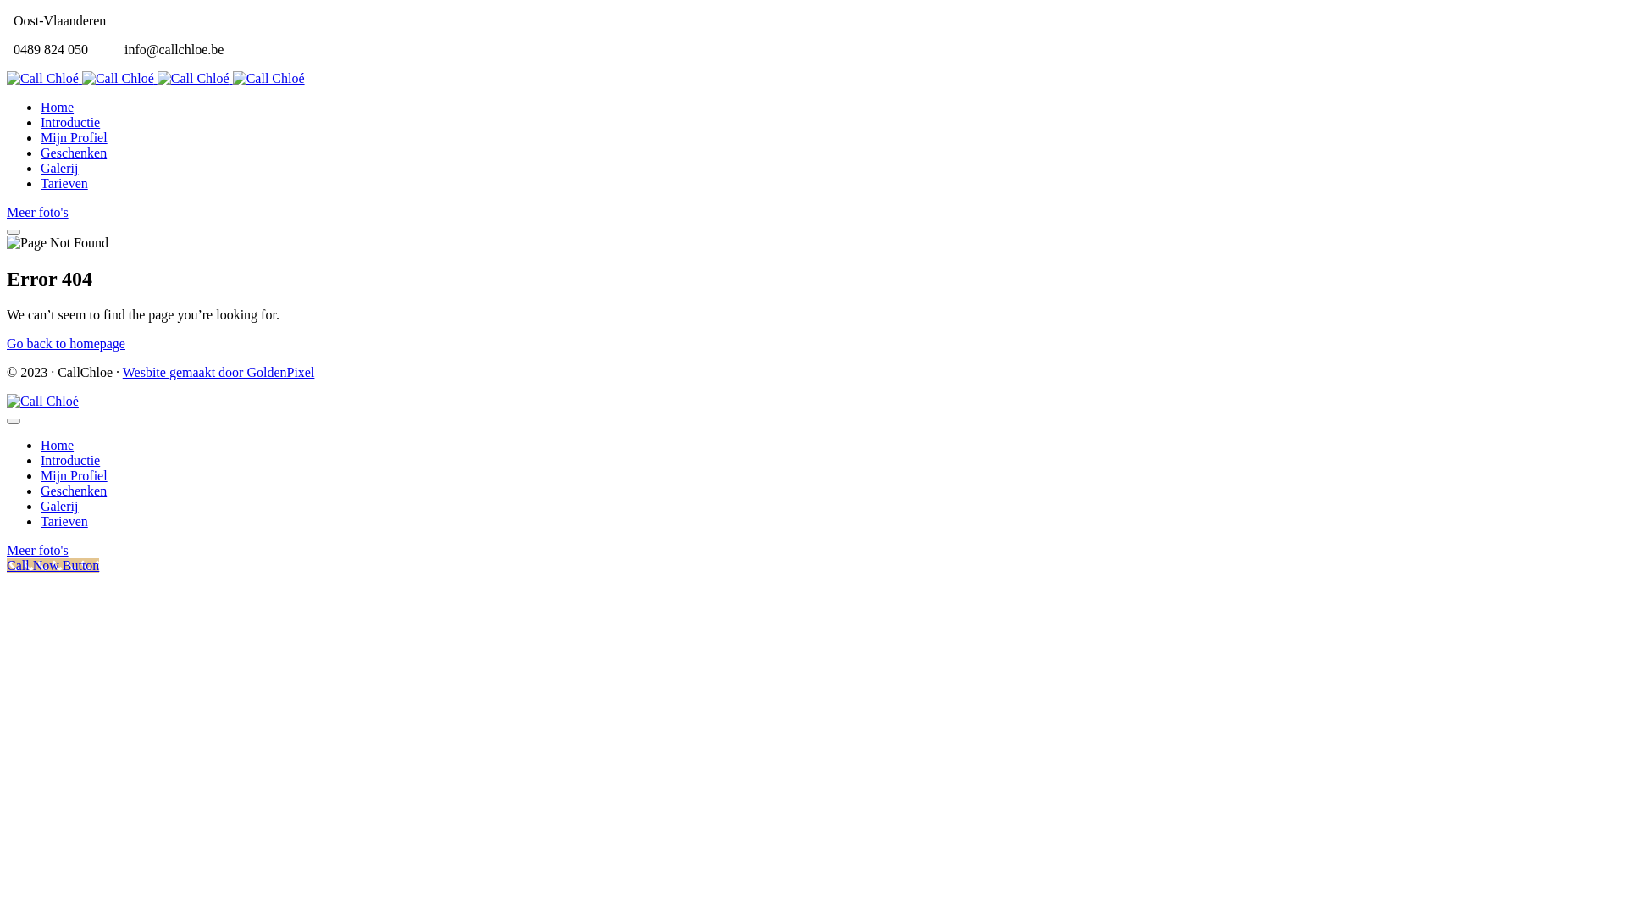 This screenshot has width=1626, height=915. Describe the element at coordinates (72, 152) in the screenshot. I see `'Geschenken'` at that location.